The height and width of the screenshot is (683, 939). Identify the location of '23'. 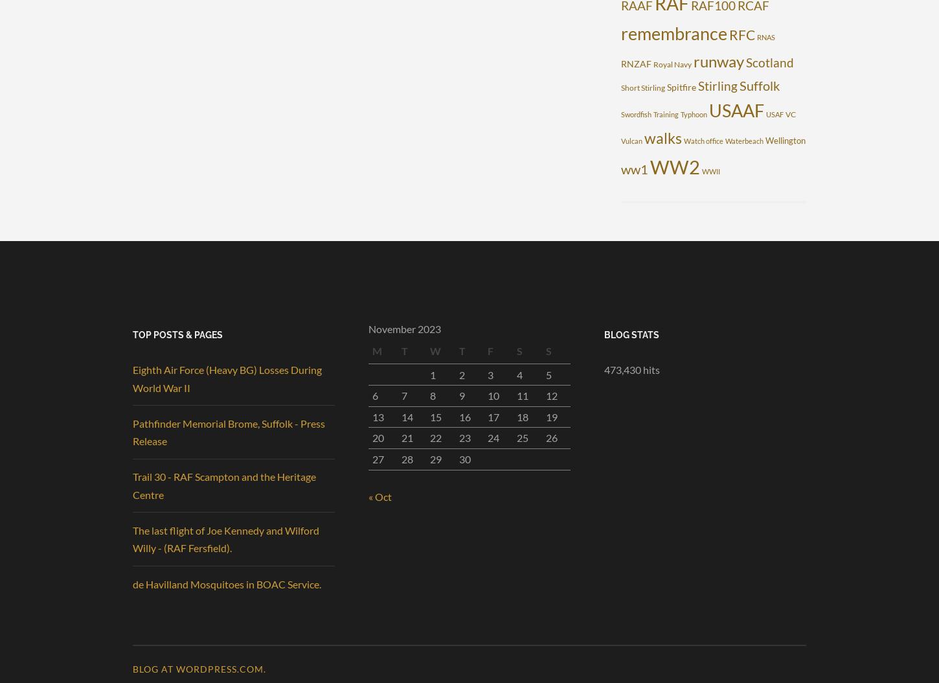
(464, 437).